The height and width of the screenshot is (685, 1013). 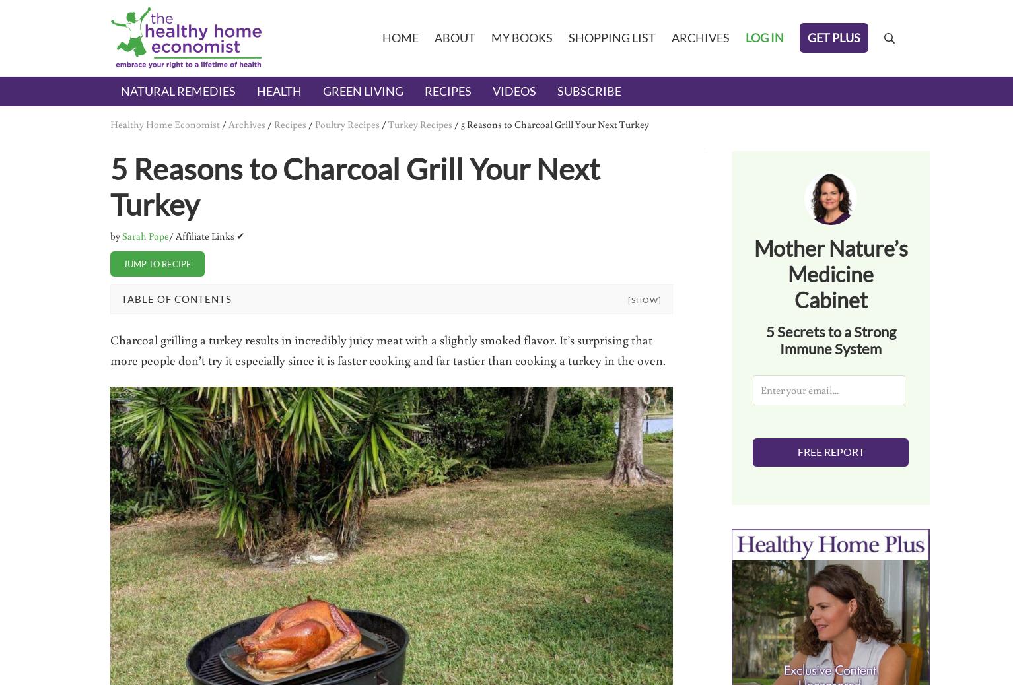 I want to click on 'Jump to Recipe', so click(x=122, y=264).